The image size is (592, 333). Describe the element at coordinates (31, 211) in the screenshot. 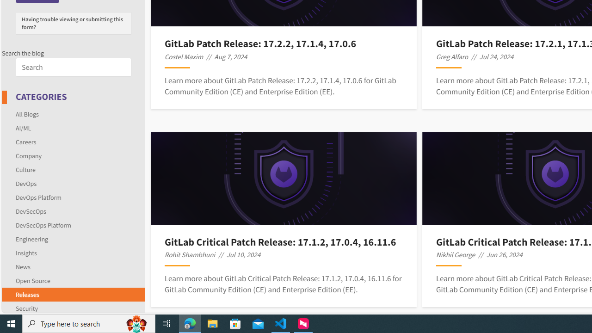

I see `'DevSecOps'` at that location.